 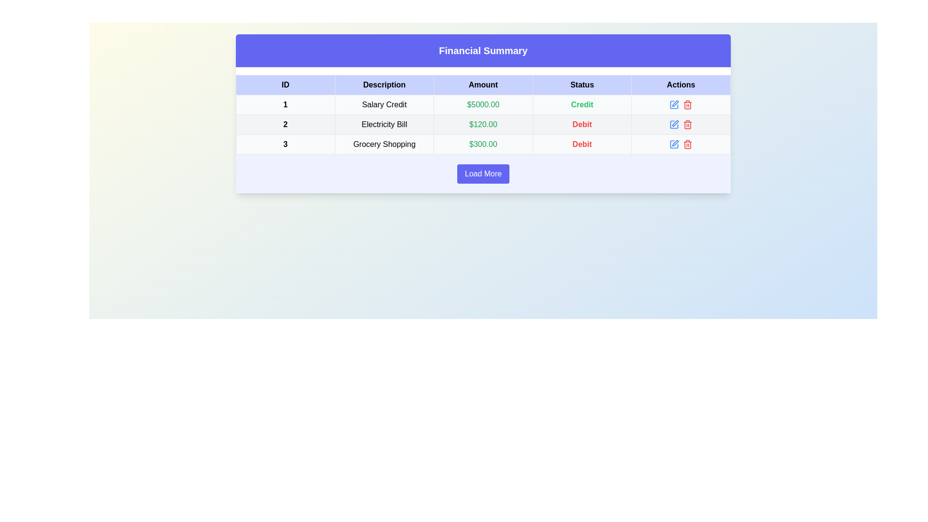 I want to click on the 'Amount' label, which is a rectangular UI component with bold, centered text and a light blue background, positioned between the 'Description' and 'Status' headers in a grid-like table, so click(x=483, y=85).